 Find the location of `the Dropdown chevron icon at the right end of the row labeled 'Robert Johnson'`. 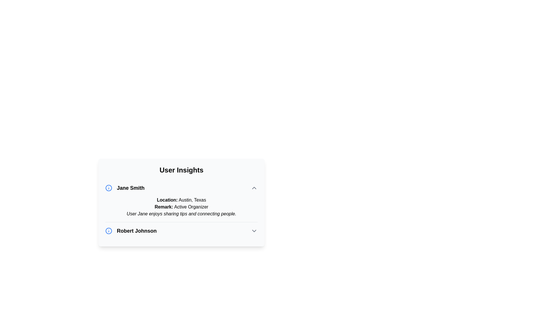

the Dropdown chevron icon at the right end of the row labeled 'Robert Johnson' is located at coordinates (254, 231).